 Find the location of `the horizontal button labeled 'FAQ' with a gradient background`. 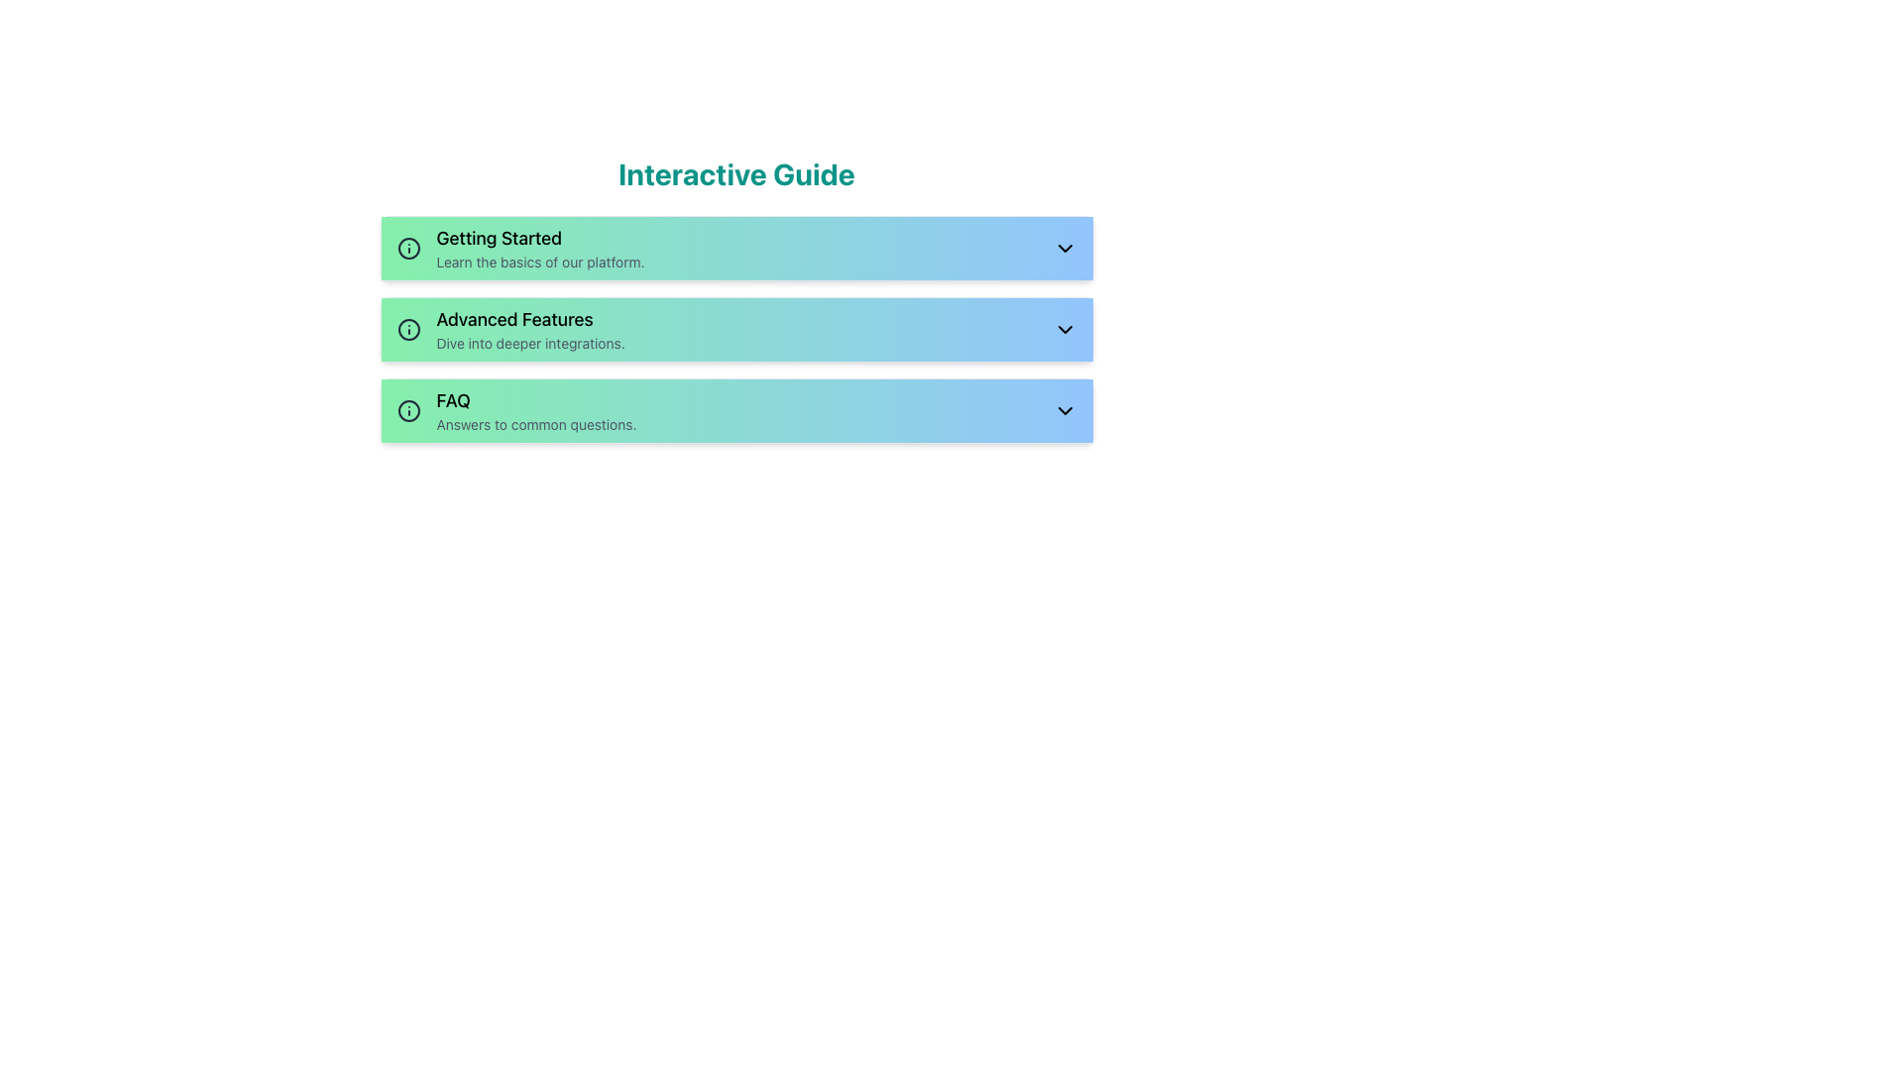

the horizontal button labeled 'FAQ' with a gradient background is located at coordinates (735, 410).